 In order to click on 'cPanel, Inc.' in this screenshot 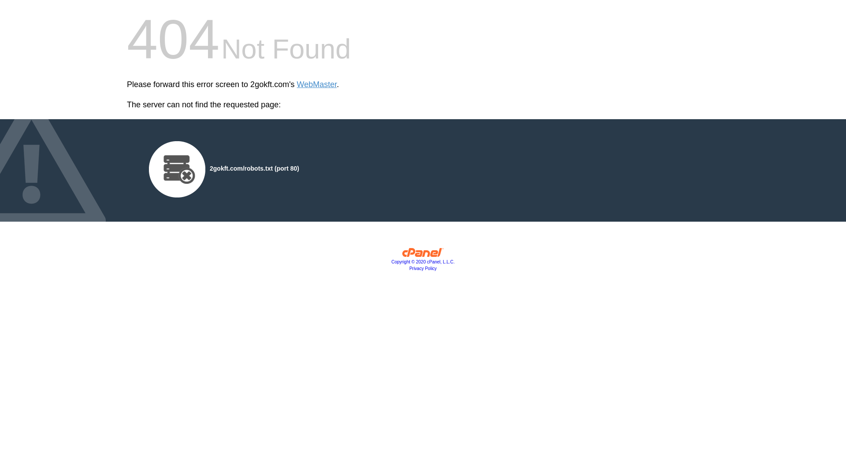, I will do `click(401, 254)`.